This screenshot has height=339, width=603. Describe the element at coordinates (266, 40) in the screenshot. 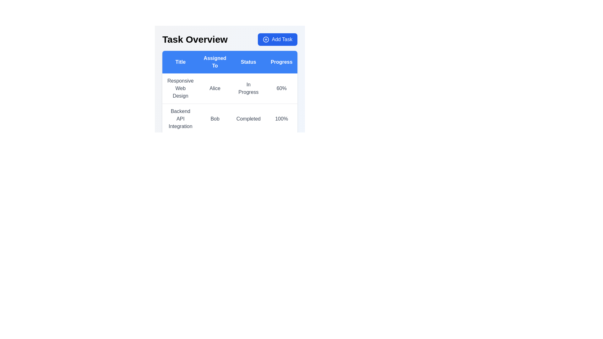

I see `the circular SVG element that forms part of the 'Add Task' button icon, which visually indicates an interactive action` at that location.